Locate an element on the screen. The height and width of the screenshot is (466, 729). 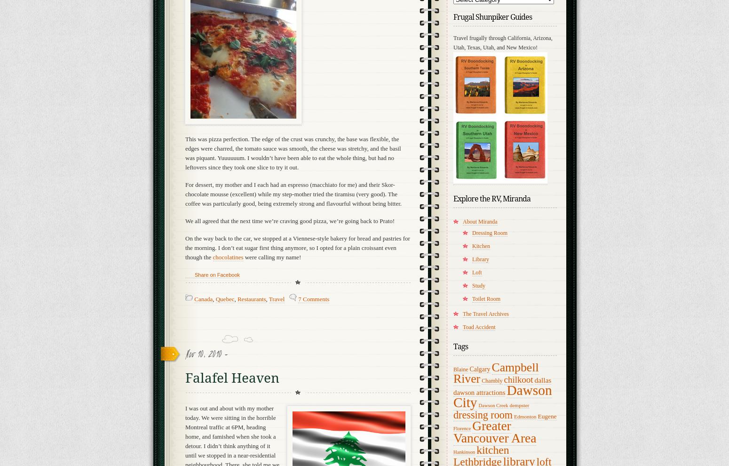
'dempster' is located at coordinates (519, 405).